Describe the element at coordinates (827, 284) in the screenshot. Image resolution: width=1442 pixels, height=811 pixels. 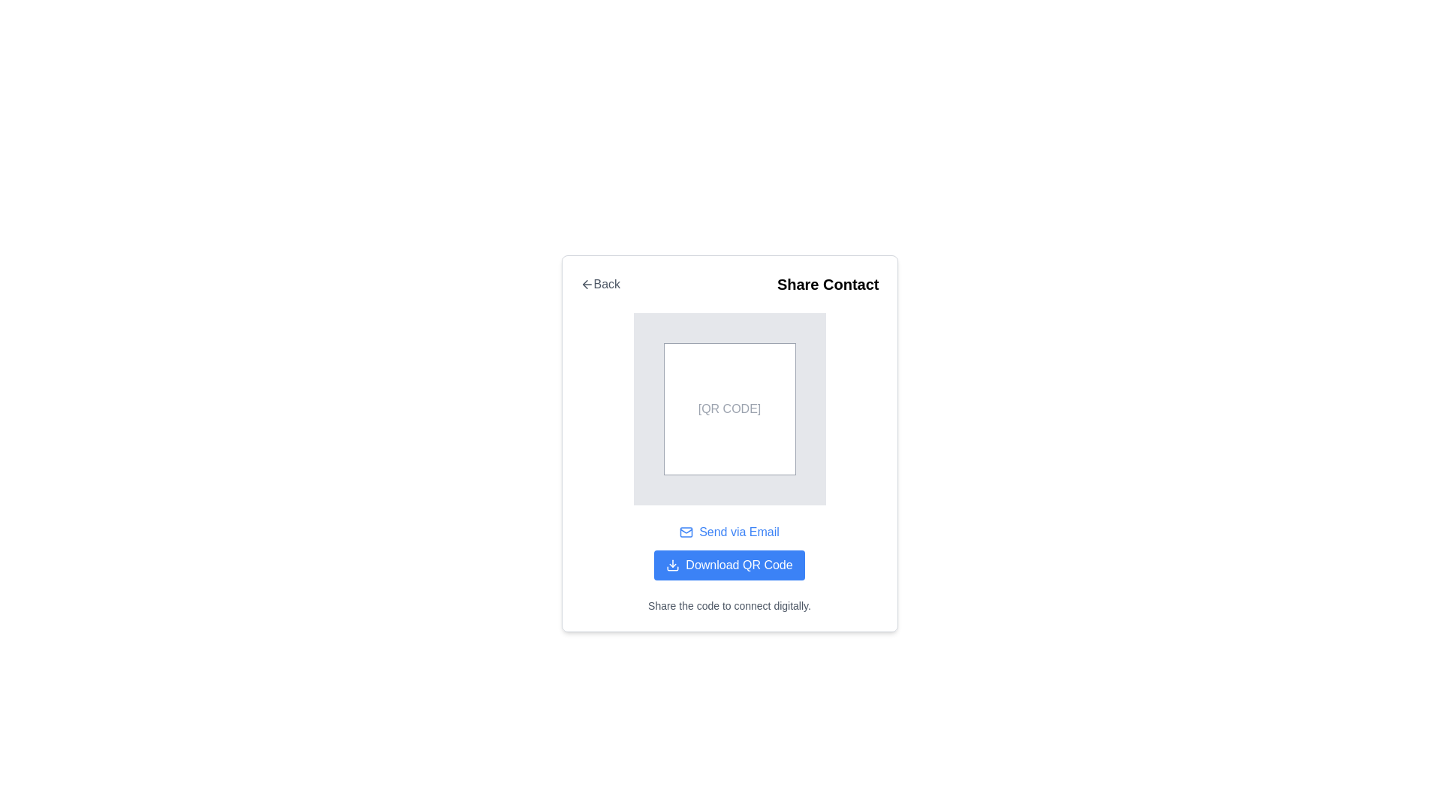
I see `the prominently styled 'Share Contact' label located in the top-right corner of the header section, which is bold and large-sized` at that location.